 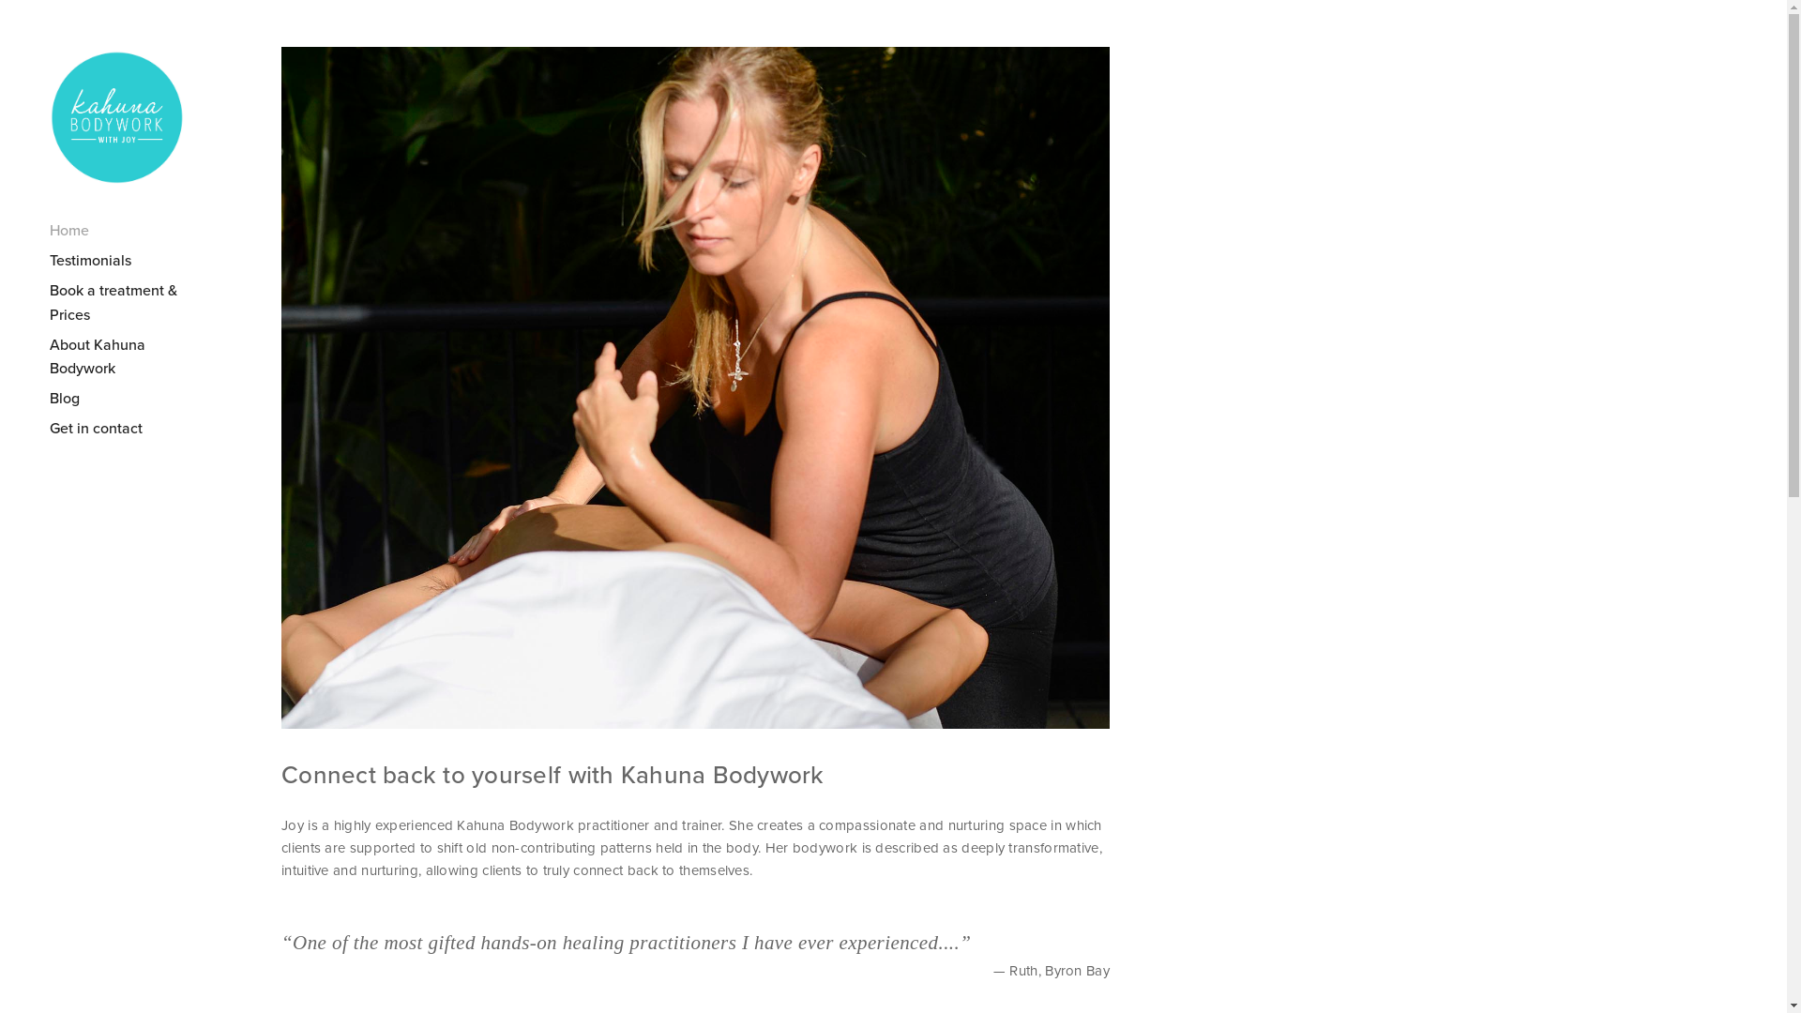 What do you see at coordinates (129, 260) in the screenshot?
I see `'Testimonials'` at bounding box center [129, 260].